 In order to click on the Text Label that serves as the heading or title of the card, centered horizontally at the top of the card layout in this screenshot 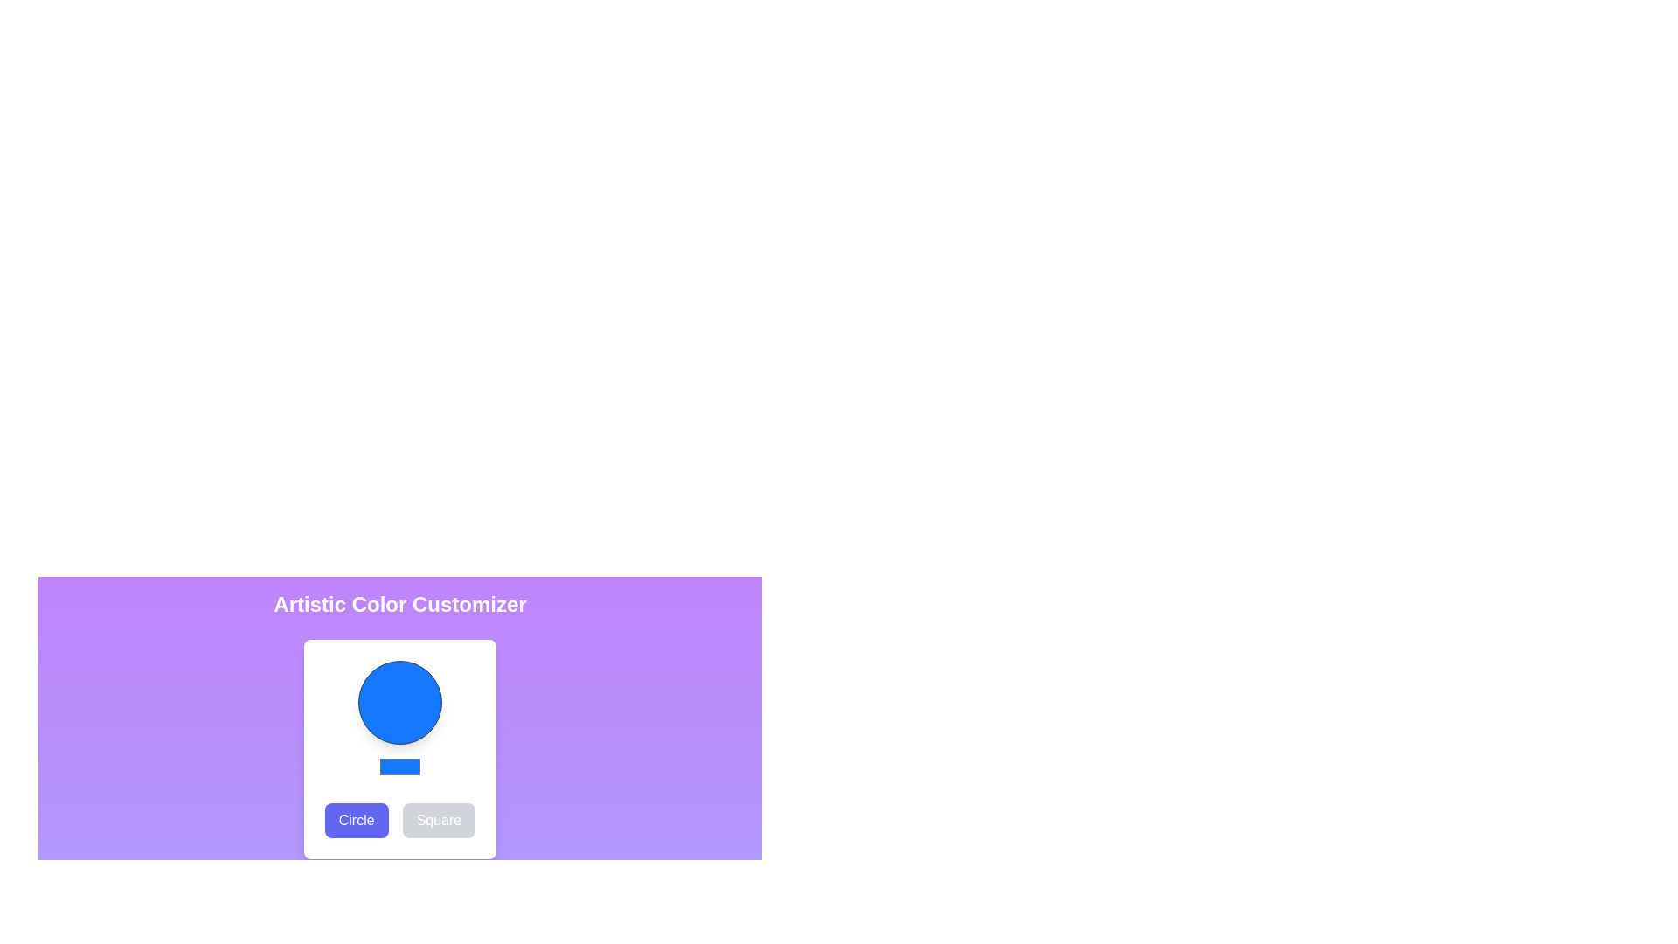, I will do `click(399, 603)`.